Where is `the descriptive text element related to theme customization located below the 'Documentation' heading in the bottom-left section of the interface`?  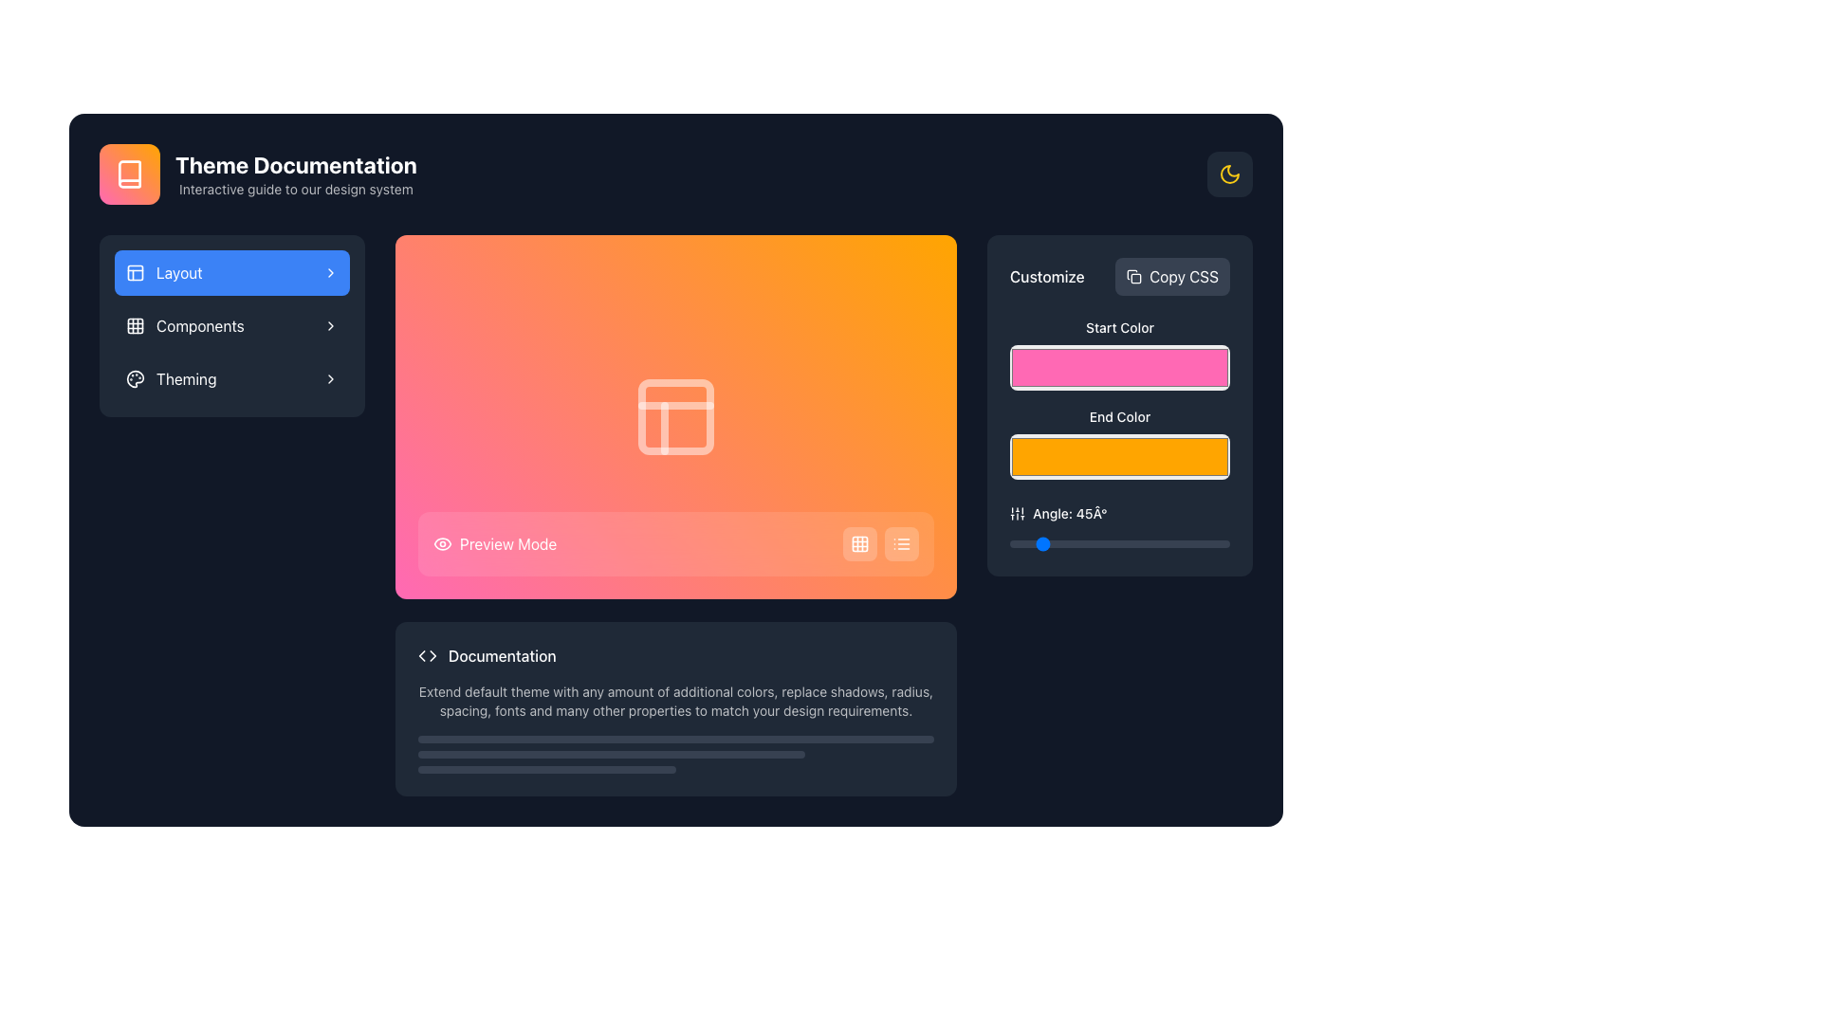
the descriptive text element related to theme customization located below the 'Documentation' heading in the bottom-left section of the interface is located at coordinates (676, 702).